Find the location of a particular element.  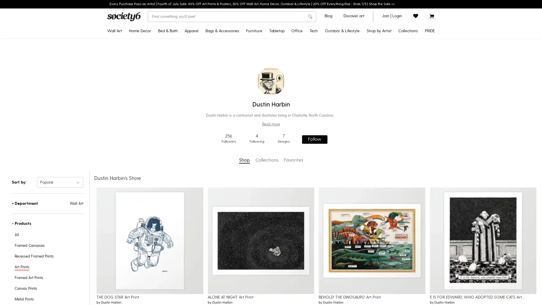

Disney is located at coordinates (364, 45).